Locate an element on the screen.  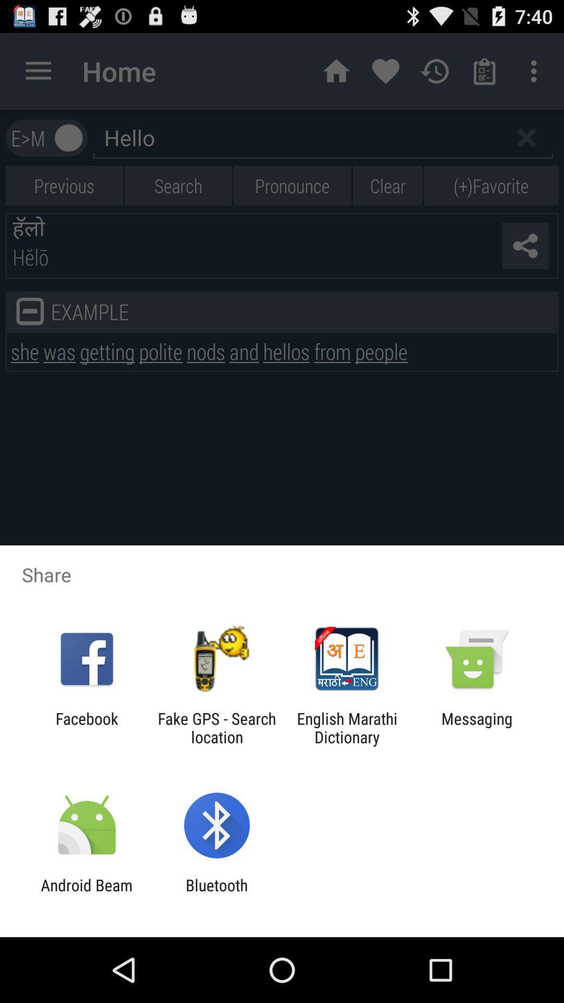
icon to the left of english marathi dictionary item is located at coordinates (216, 727).